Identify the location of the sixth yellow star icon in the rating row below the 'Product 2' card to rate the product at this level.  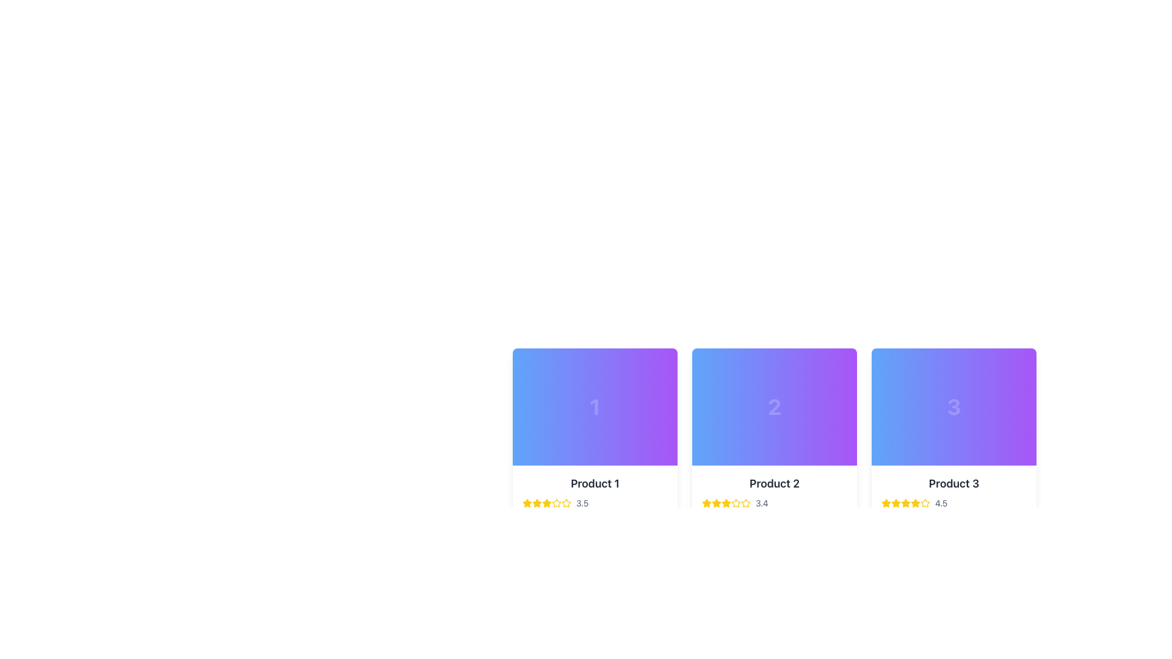
(735, 503).